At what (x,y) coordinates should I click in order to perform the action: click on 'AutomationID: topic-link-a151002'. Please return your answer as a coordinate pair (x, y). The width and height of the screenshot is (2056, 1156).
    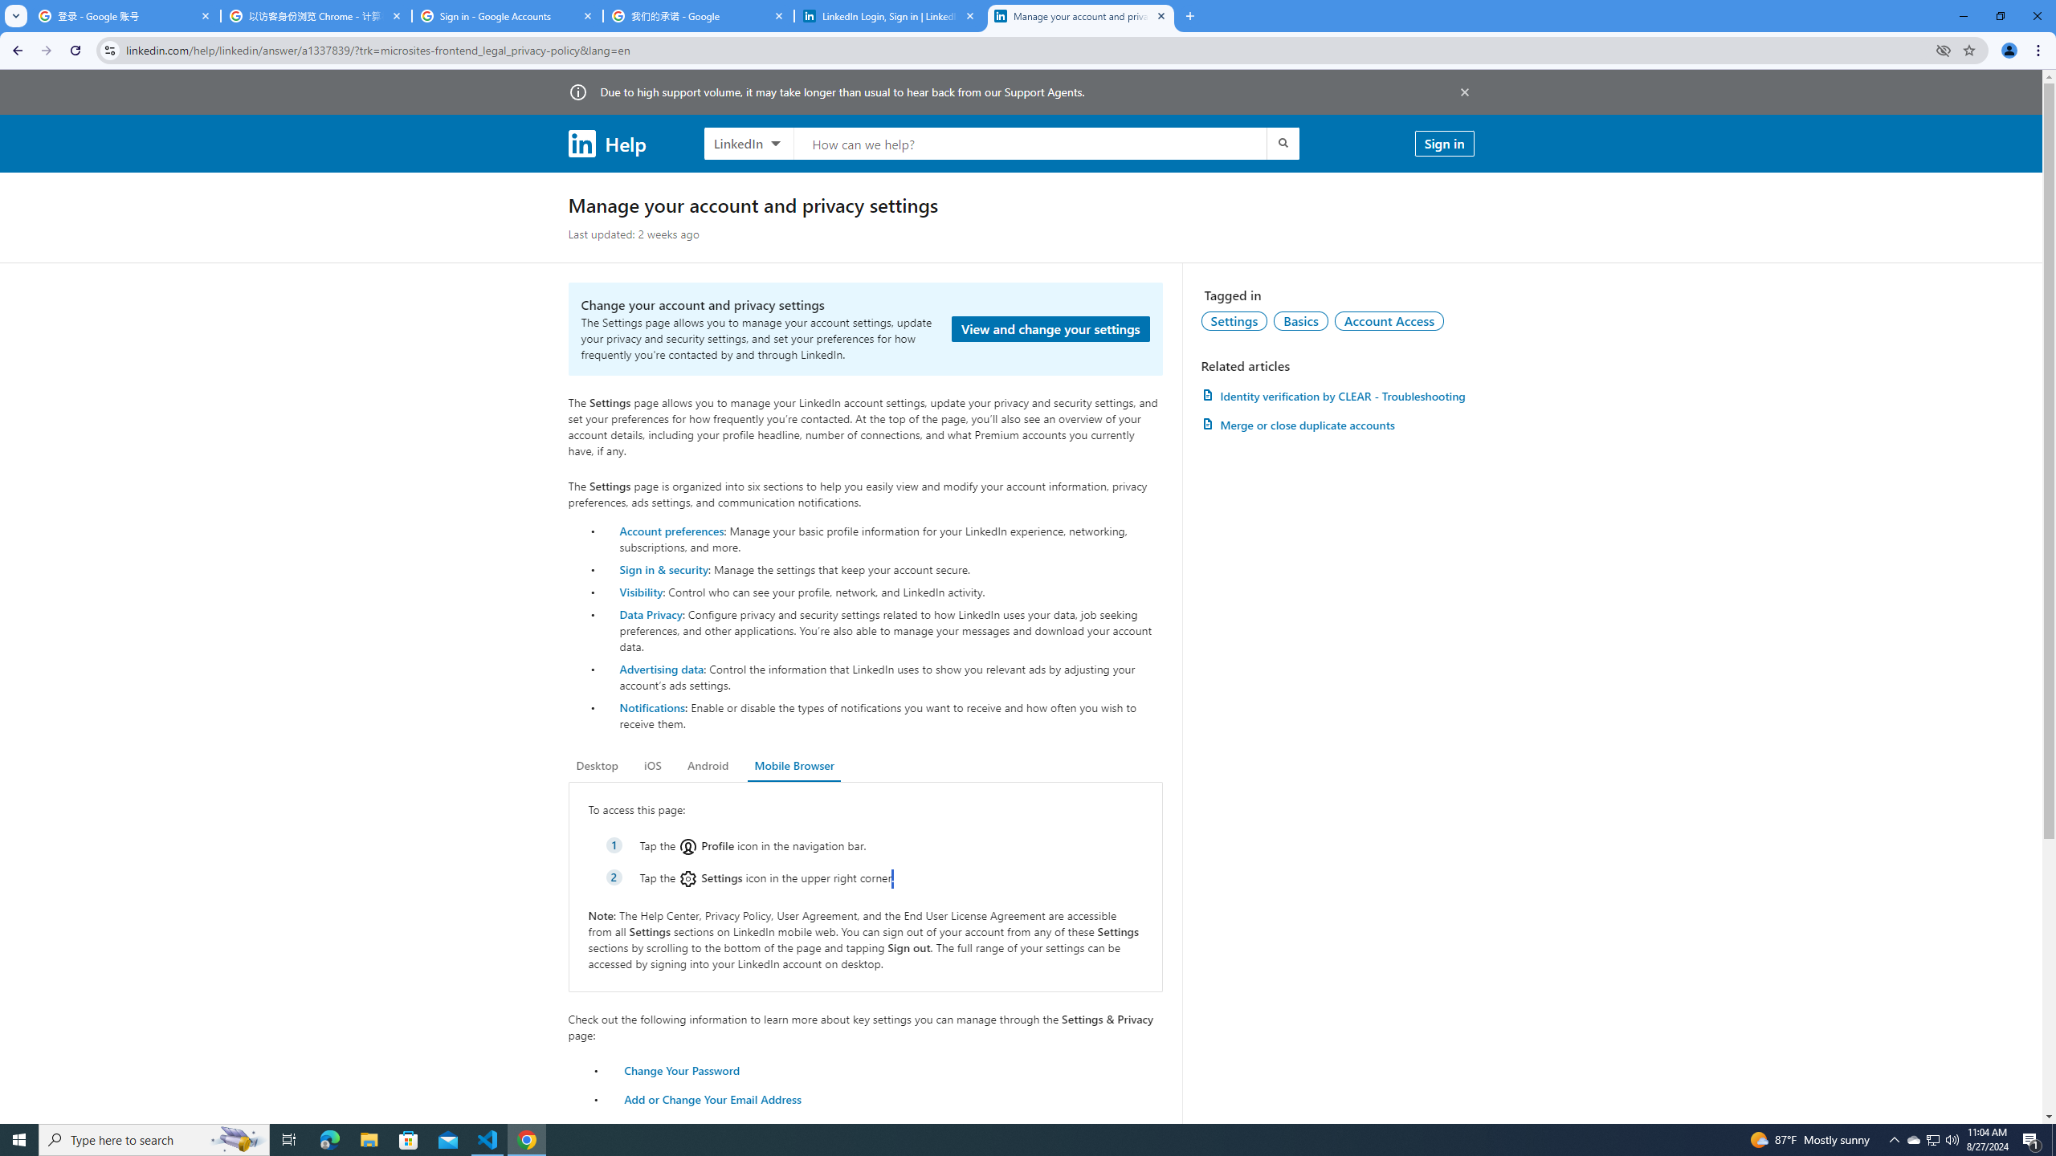
    Looking at the image, I should click on (1389, 320).